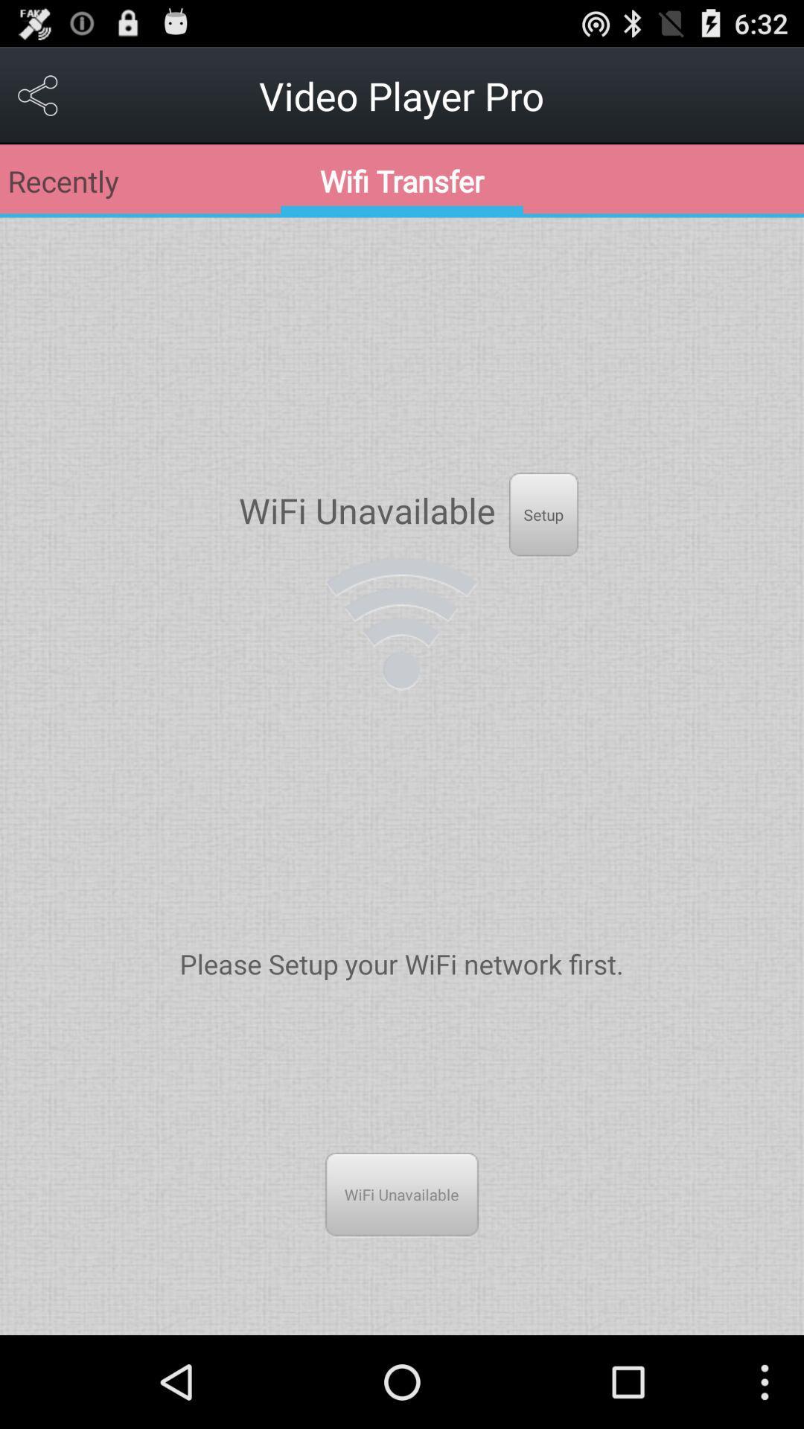  What do you see at coordinates (401, 624) in the screenshot?
I see `wifi logo` at bounding box center [401, 624].